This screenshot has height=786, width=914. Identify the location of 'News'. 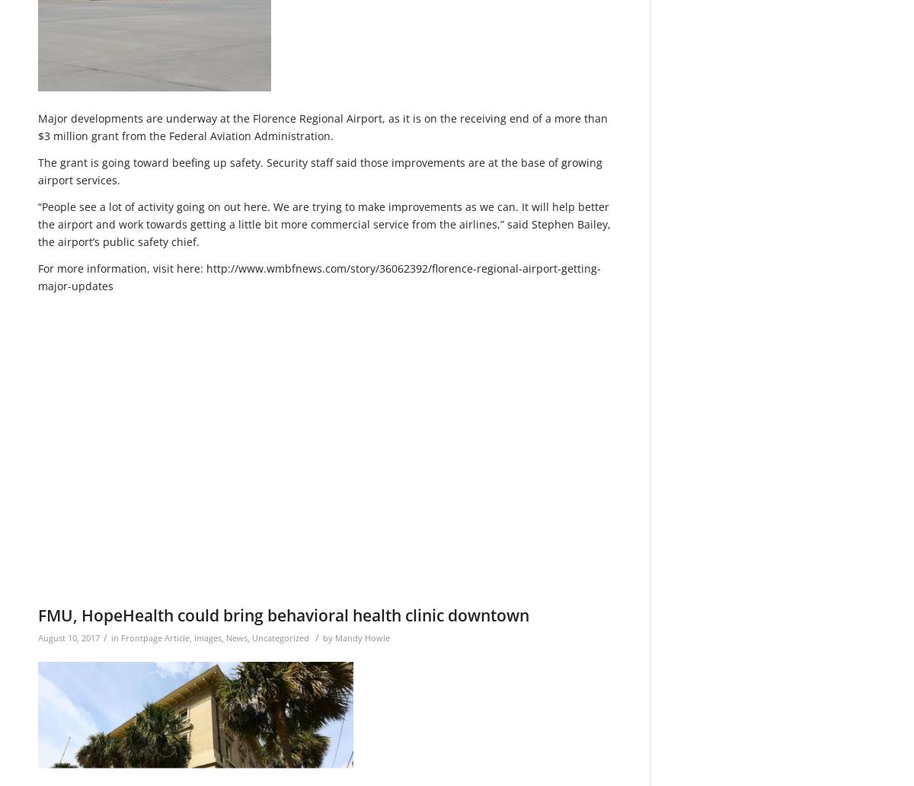
(237, 637).